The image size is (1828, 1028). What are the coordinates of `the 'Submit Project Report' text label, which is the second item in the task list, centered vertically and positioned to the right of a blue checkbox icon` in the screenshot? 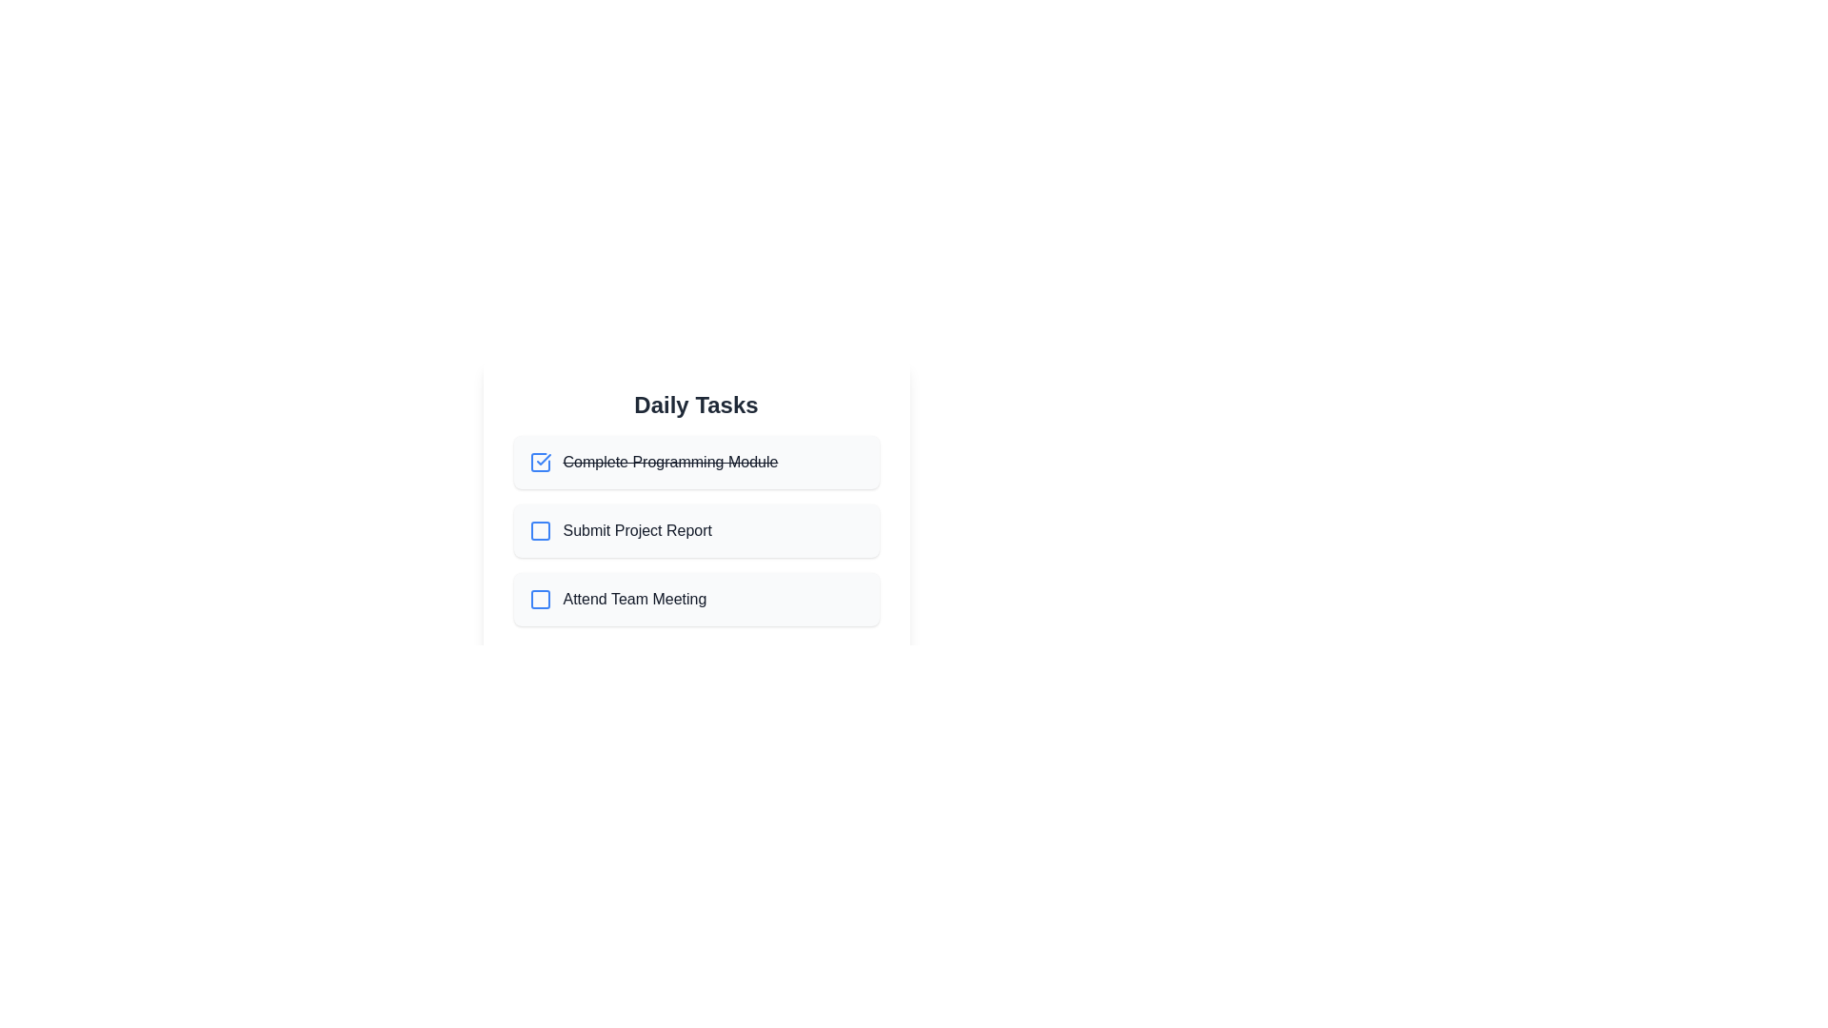 It's located at (637, 531).